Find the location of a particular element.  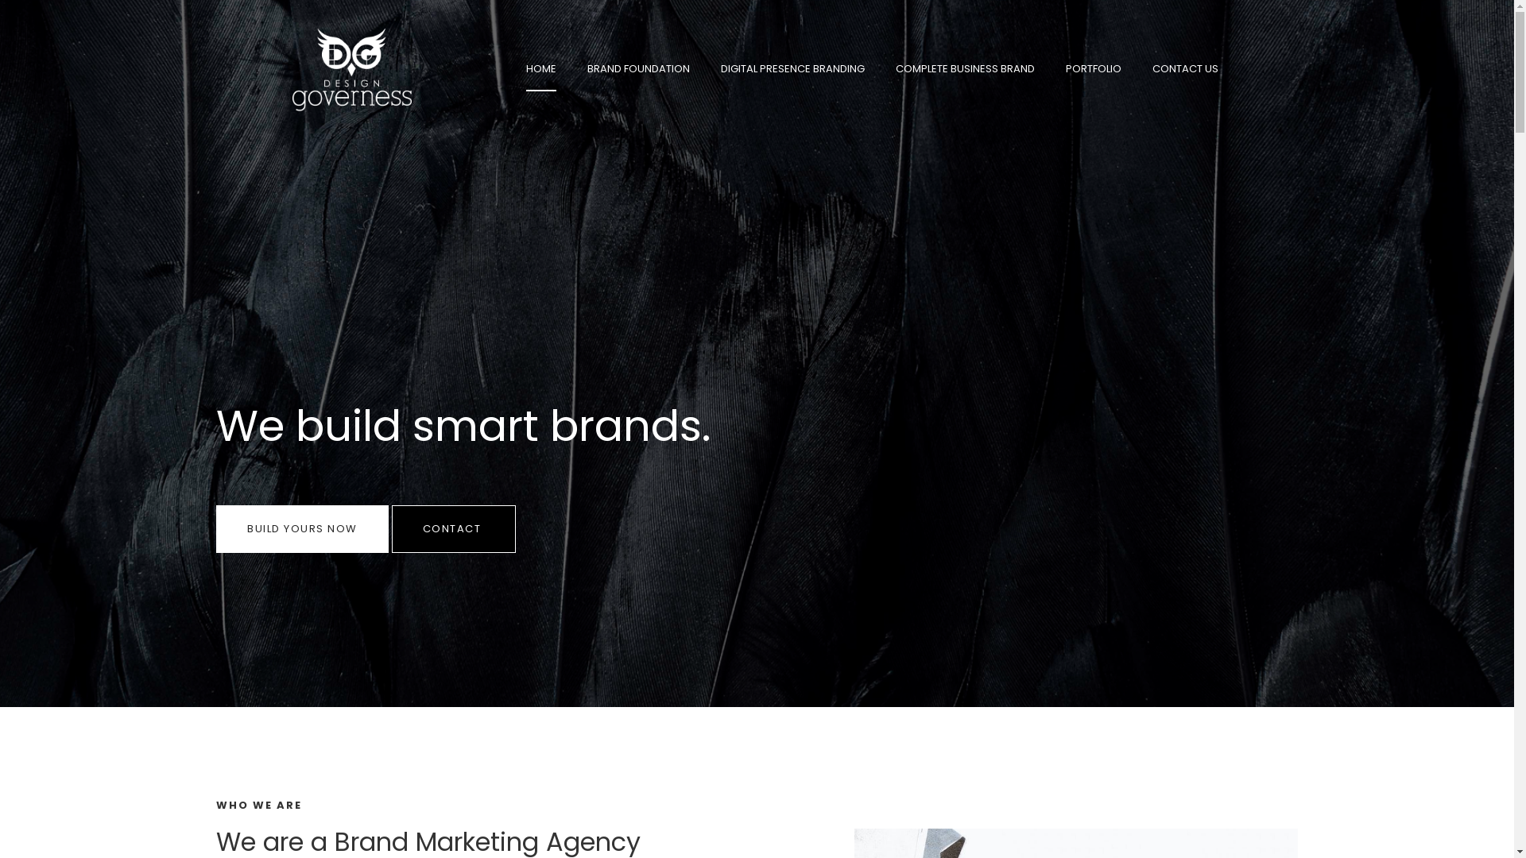

'DIGITAL PRESENCE BRANDING' is located at coordinates (793, 68).